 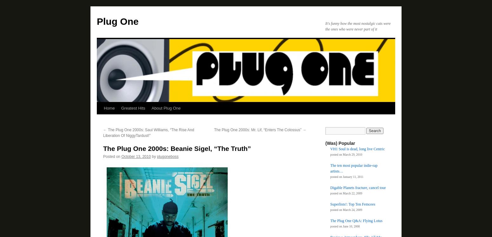 What do you see at coordinates (346, 209) in the screenshot?
I see `'posted on March 24, 2009'` at bounding box center [346, 209].